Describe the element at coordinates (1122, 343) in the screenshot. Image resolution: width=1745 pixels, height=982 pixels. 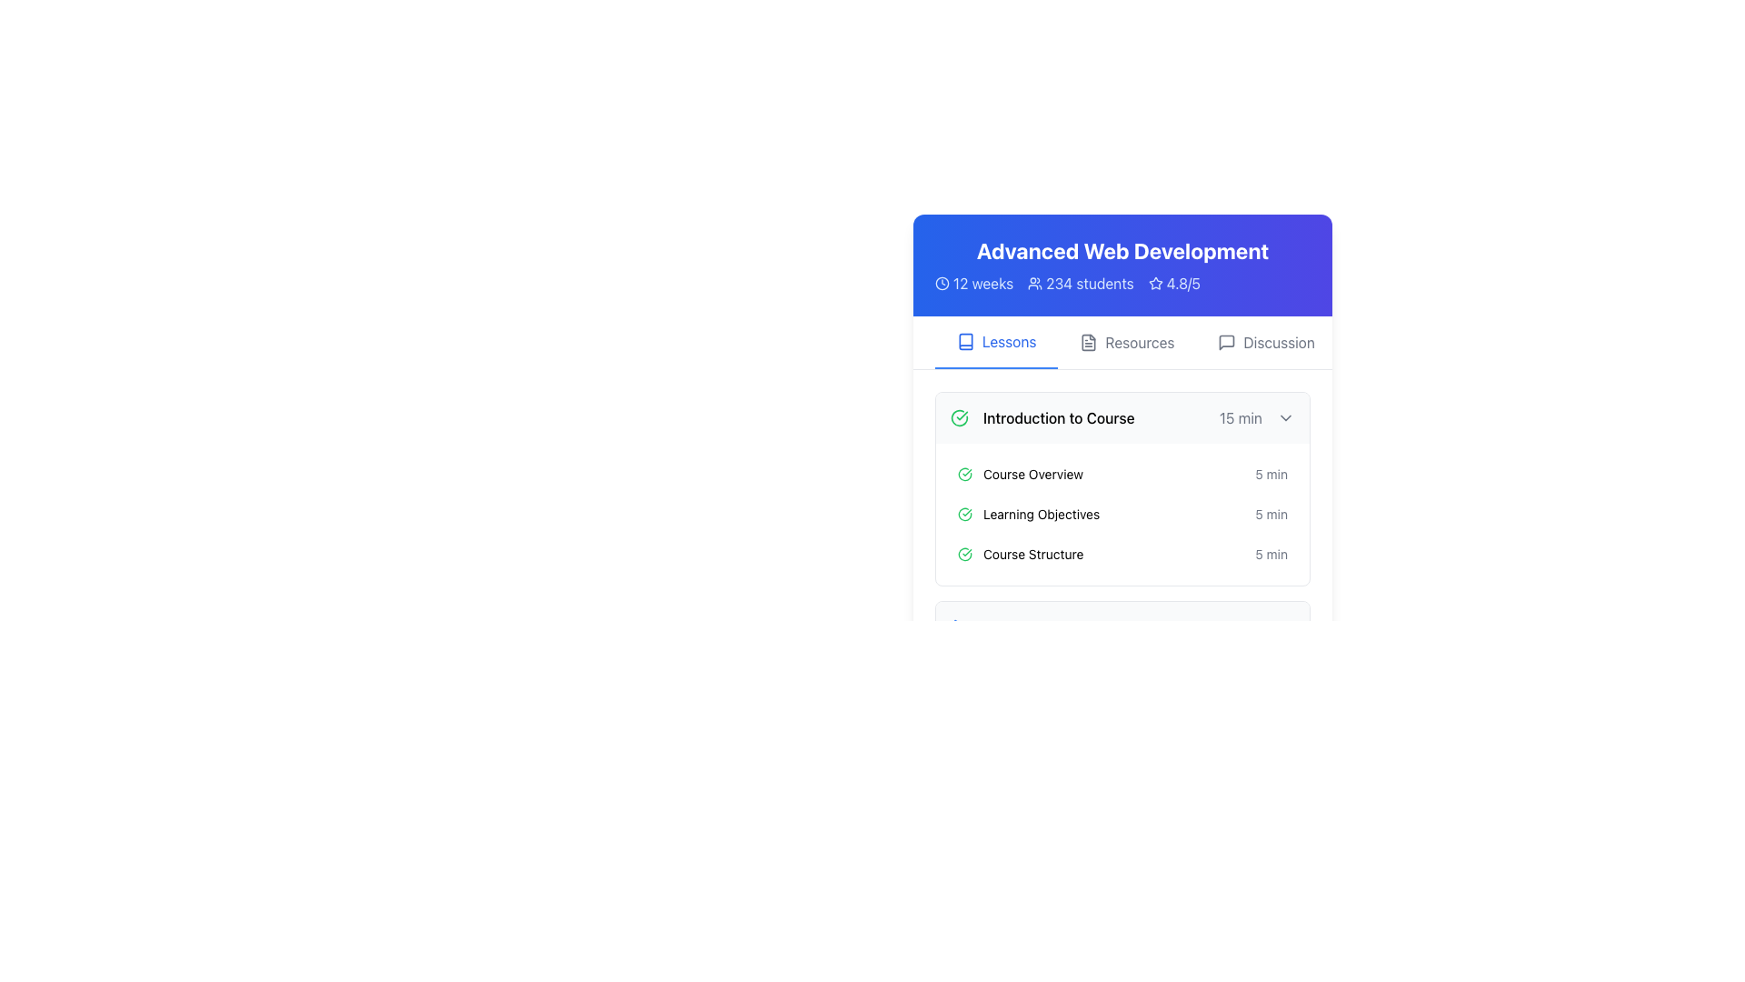
I see `the 'Resources' navigation tab, which is the second tab from the left among three tabs in a horizontal navigation bar located beneath the course title section` at that location.